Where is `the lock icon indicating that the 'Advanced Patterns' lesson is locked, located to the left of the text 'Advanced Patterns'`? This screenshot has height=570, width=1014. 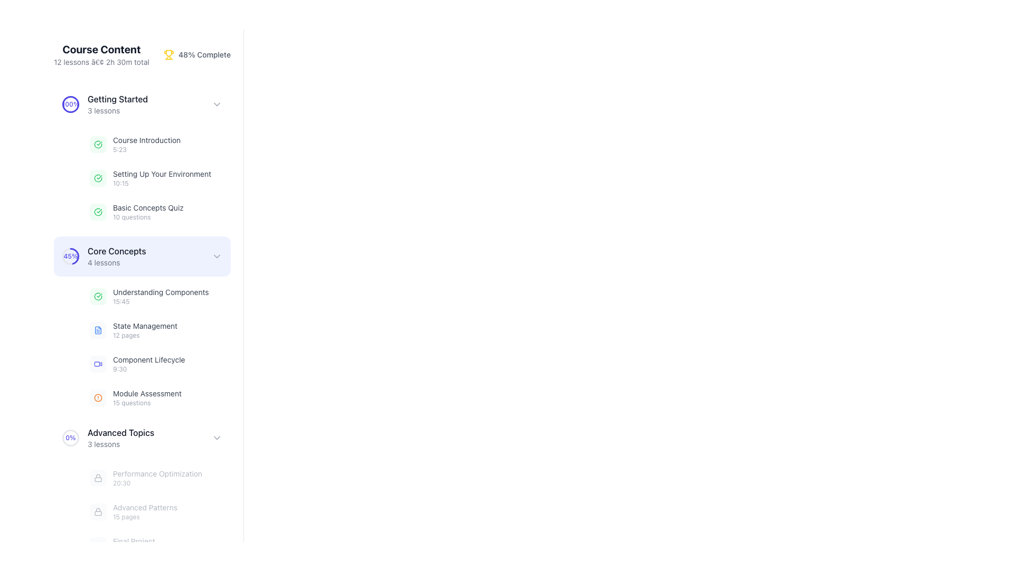
the lock icon indicating that the 'Advanced Patterns' lesson is locked, located to the left of the text 'Advanced Patterns' is located at coordinates (98, 511).